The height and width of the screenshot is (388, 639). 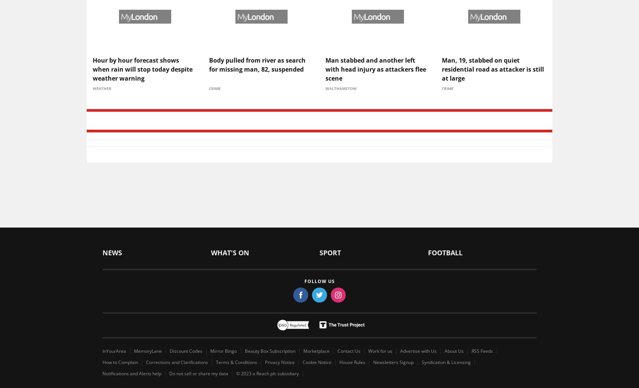 I want to click on 'Man, 19, stabbed on quiet residential road as attacker is still at large', so click(x=492, y=69).